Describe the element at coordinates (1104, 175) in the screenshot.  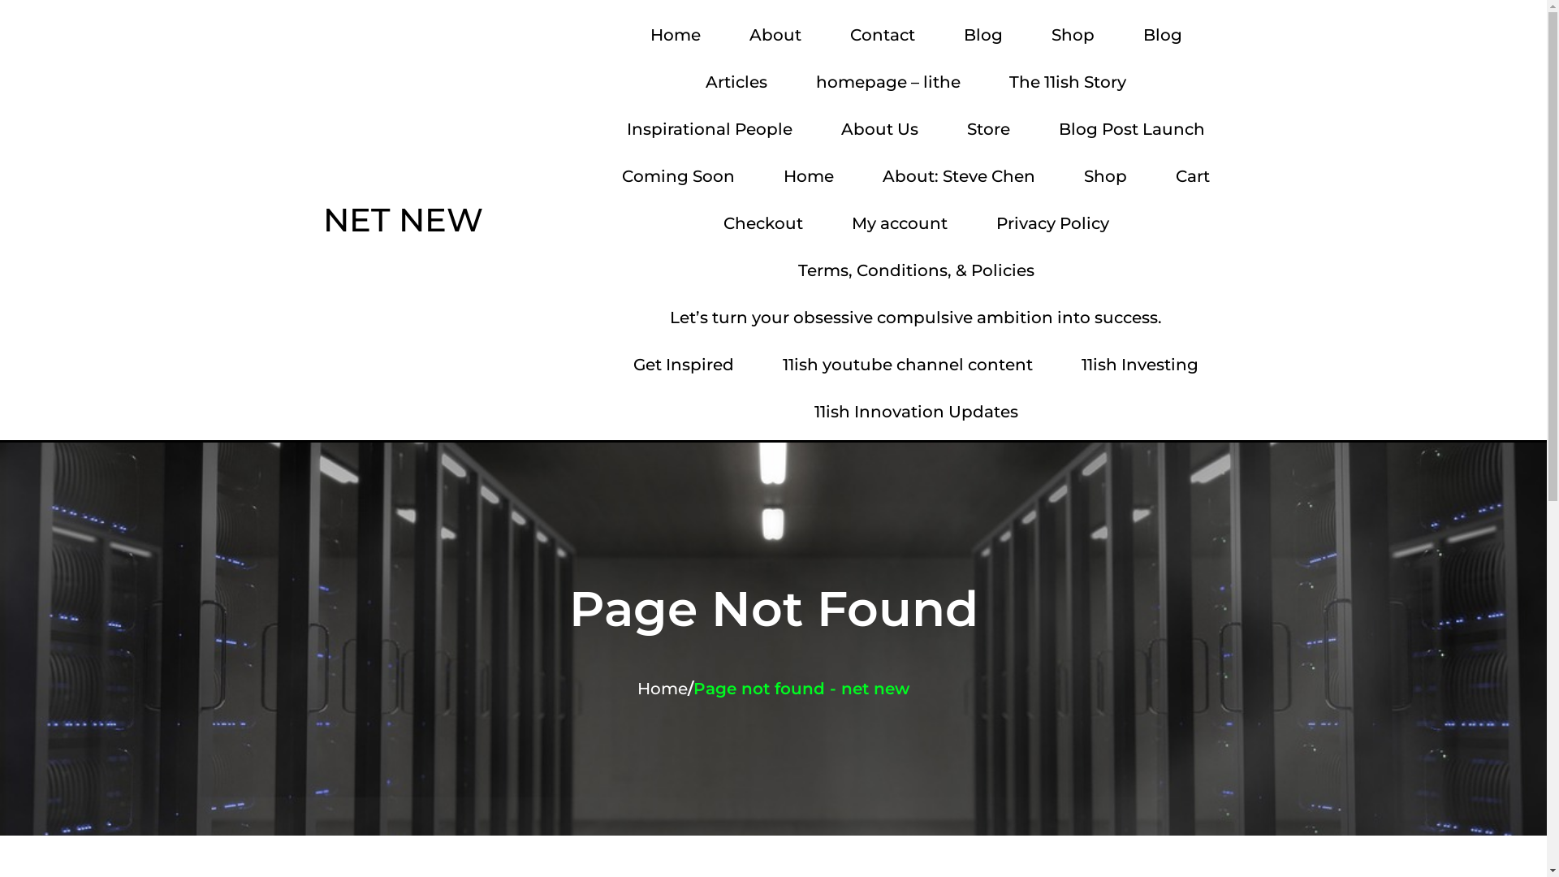
I see `'Shop'` at that location.